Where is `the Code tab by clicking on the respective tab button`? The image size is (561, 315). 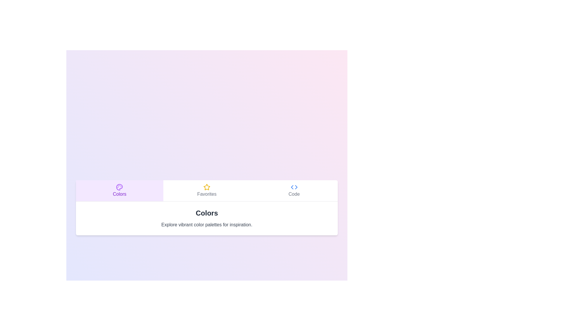 the Code tab by clicking on the respective tab button is located at coordinates (294, 190).